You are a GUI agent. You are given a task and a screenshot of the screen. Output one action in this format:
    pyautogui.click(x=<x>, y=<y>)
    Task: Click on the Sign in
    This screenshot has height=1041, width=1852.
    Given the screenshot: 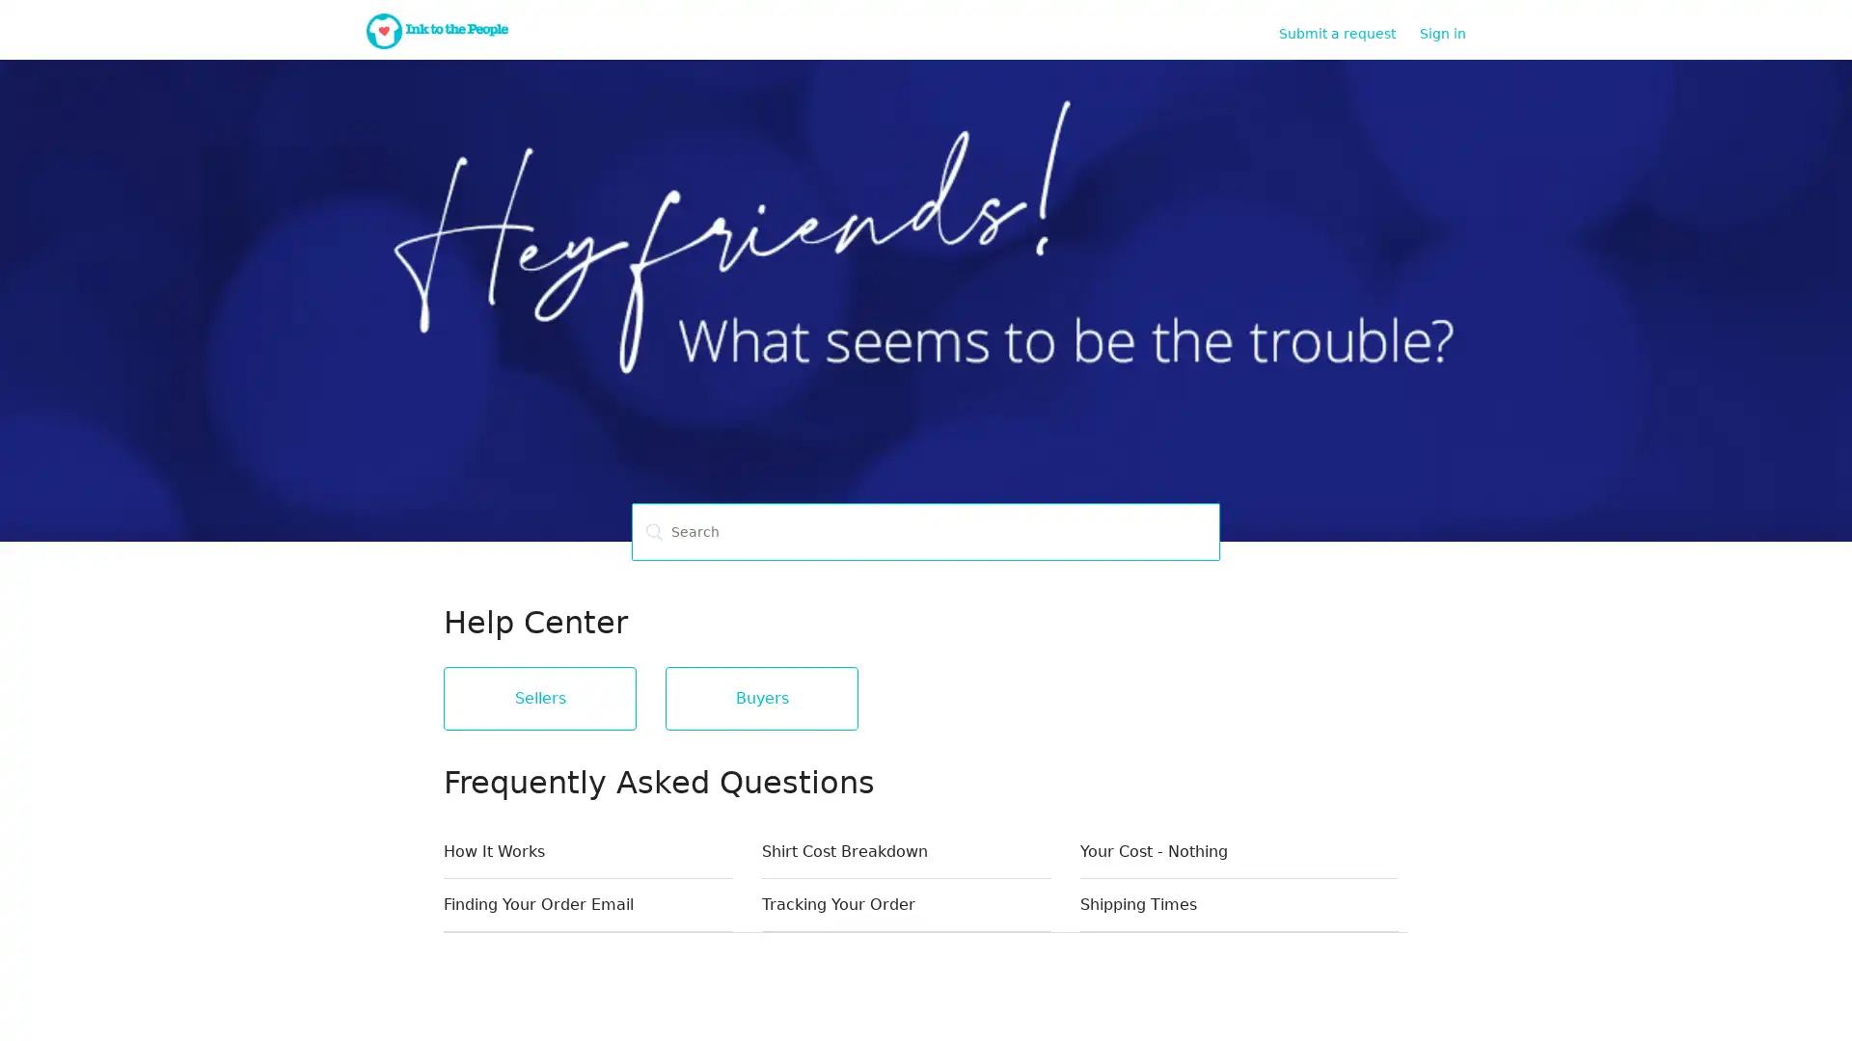 What is the action you would take?
    pyautogui.click(x=1453, y=33)
    